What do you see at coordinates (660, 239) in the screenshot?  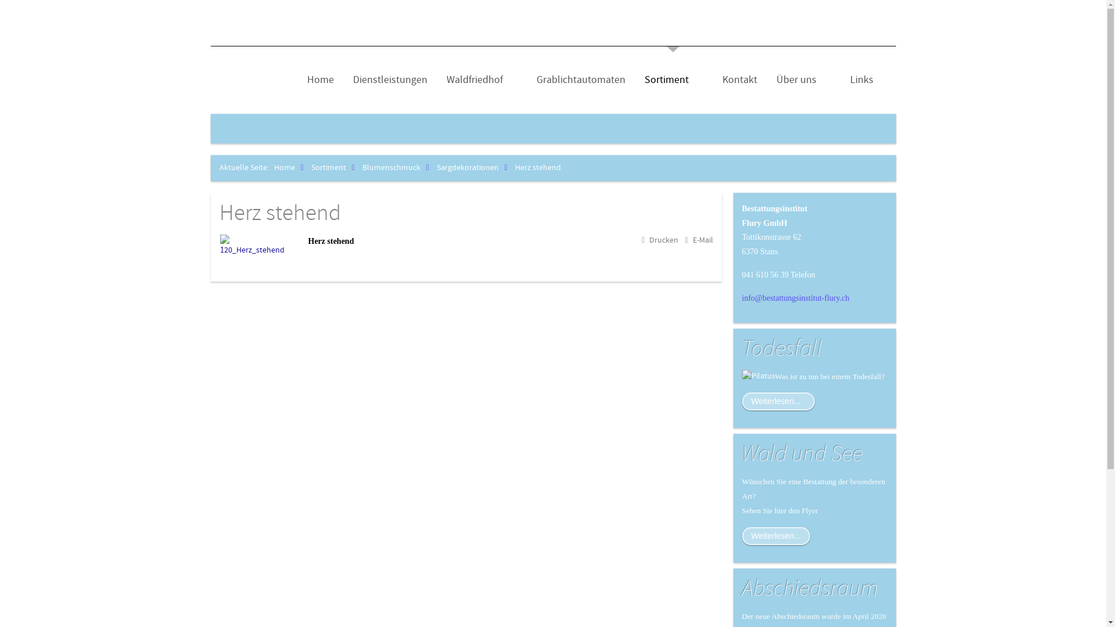 I see `'Drucken'` at bounding box center [660, 239].